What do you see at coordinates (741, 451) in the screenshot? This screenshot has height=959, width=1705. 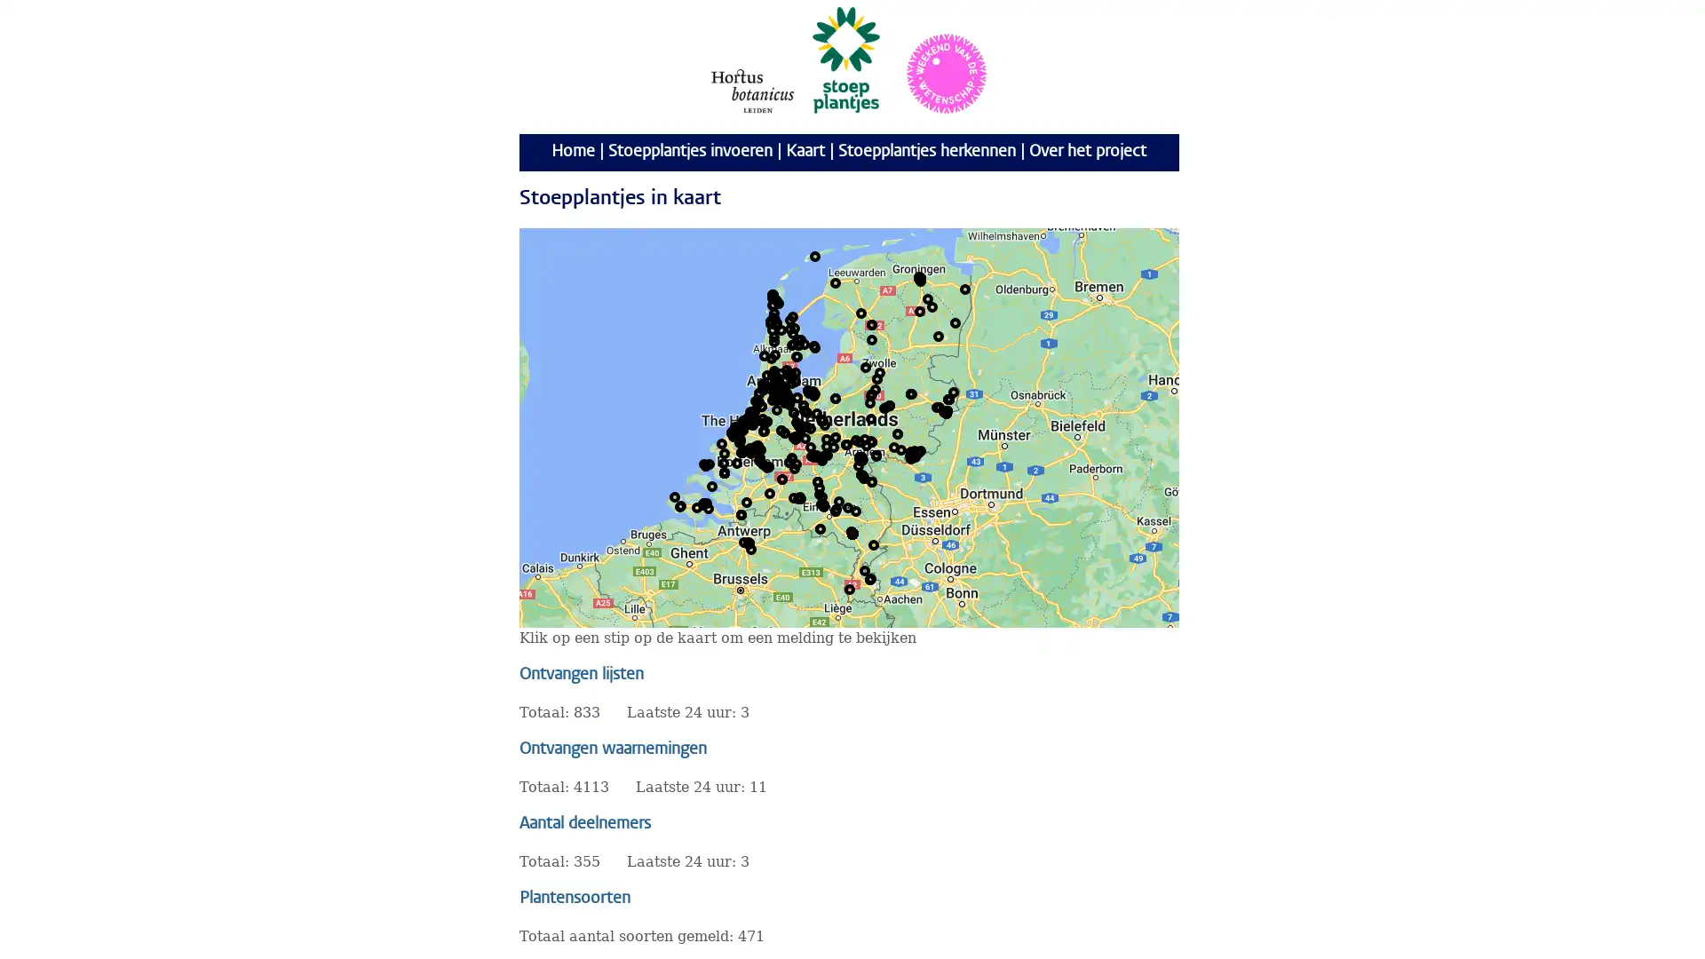 I see `Telling van Aad Jonkvorst op 23 maart 2022` at bounding box center [741, 451].